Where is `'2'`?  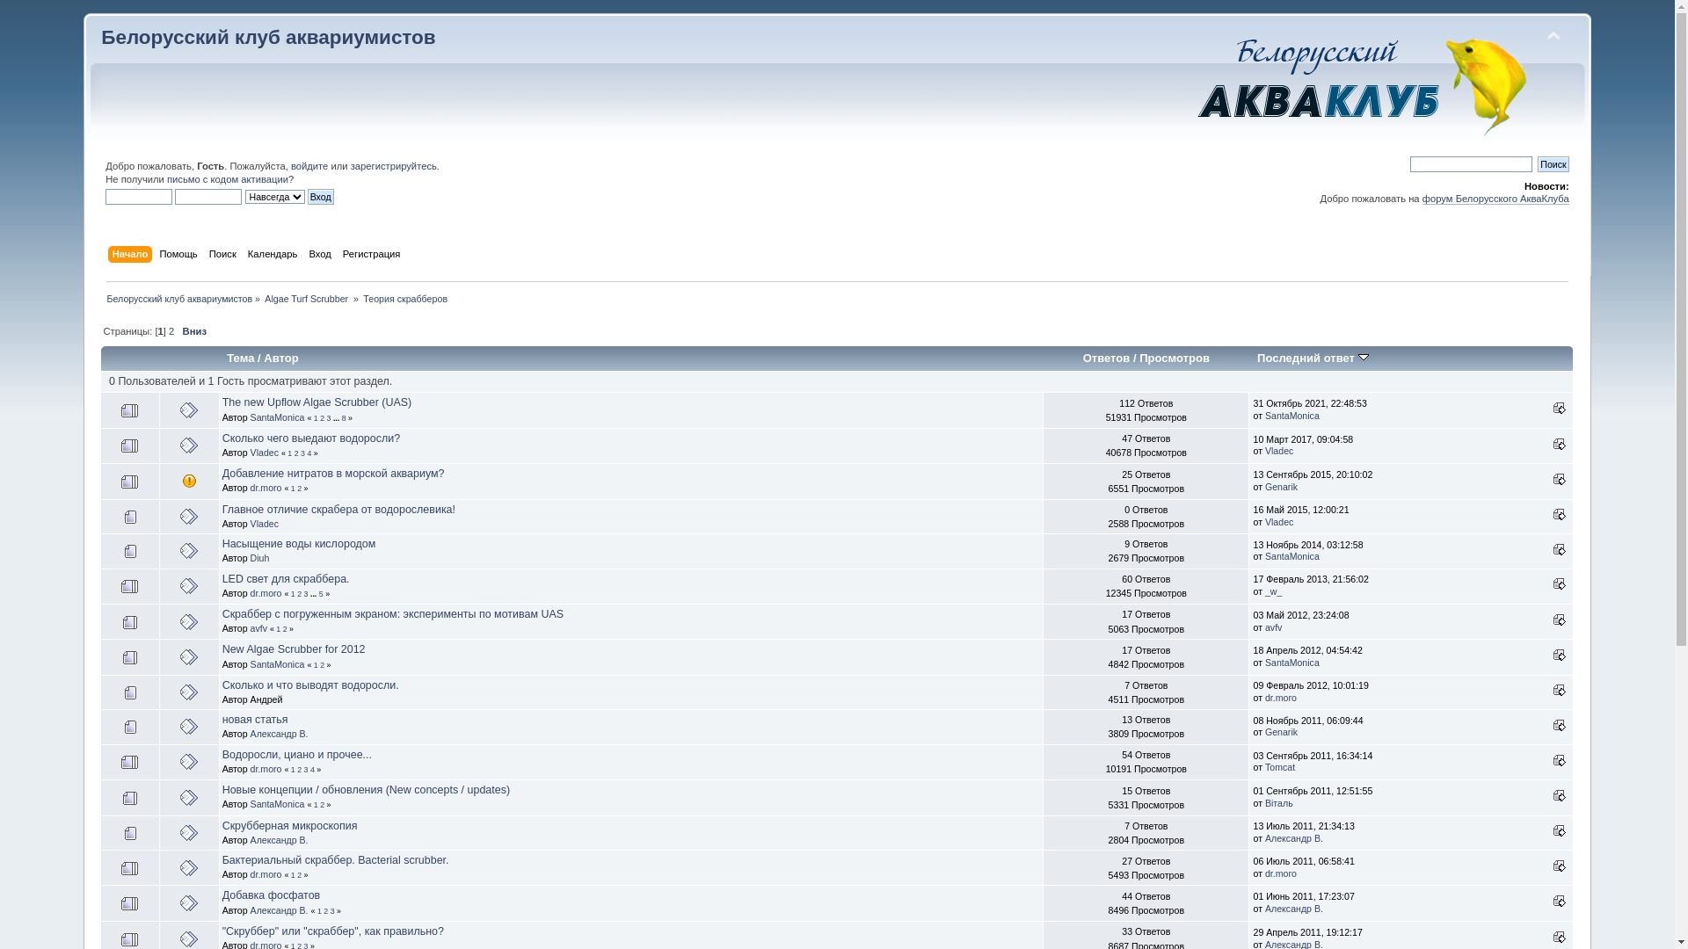 '2' is located at coordinates (171, 331).